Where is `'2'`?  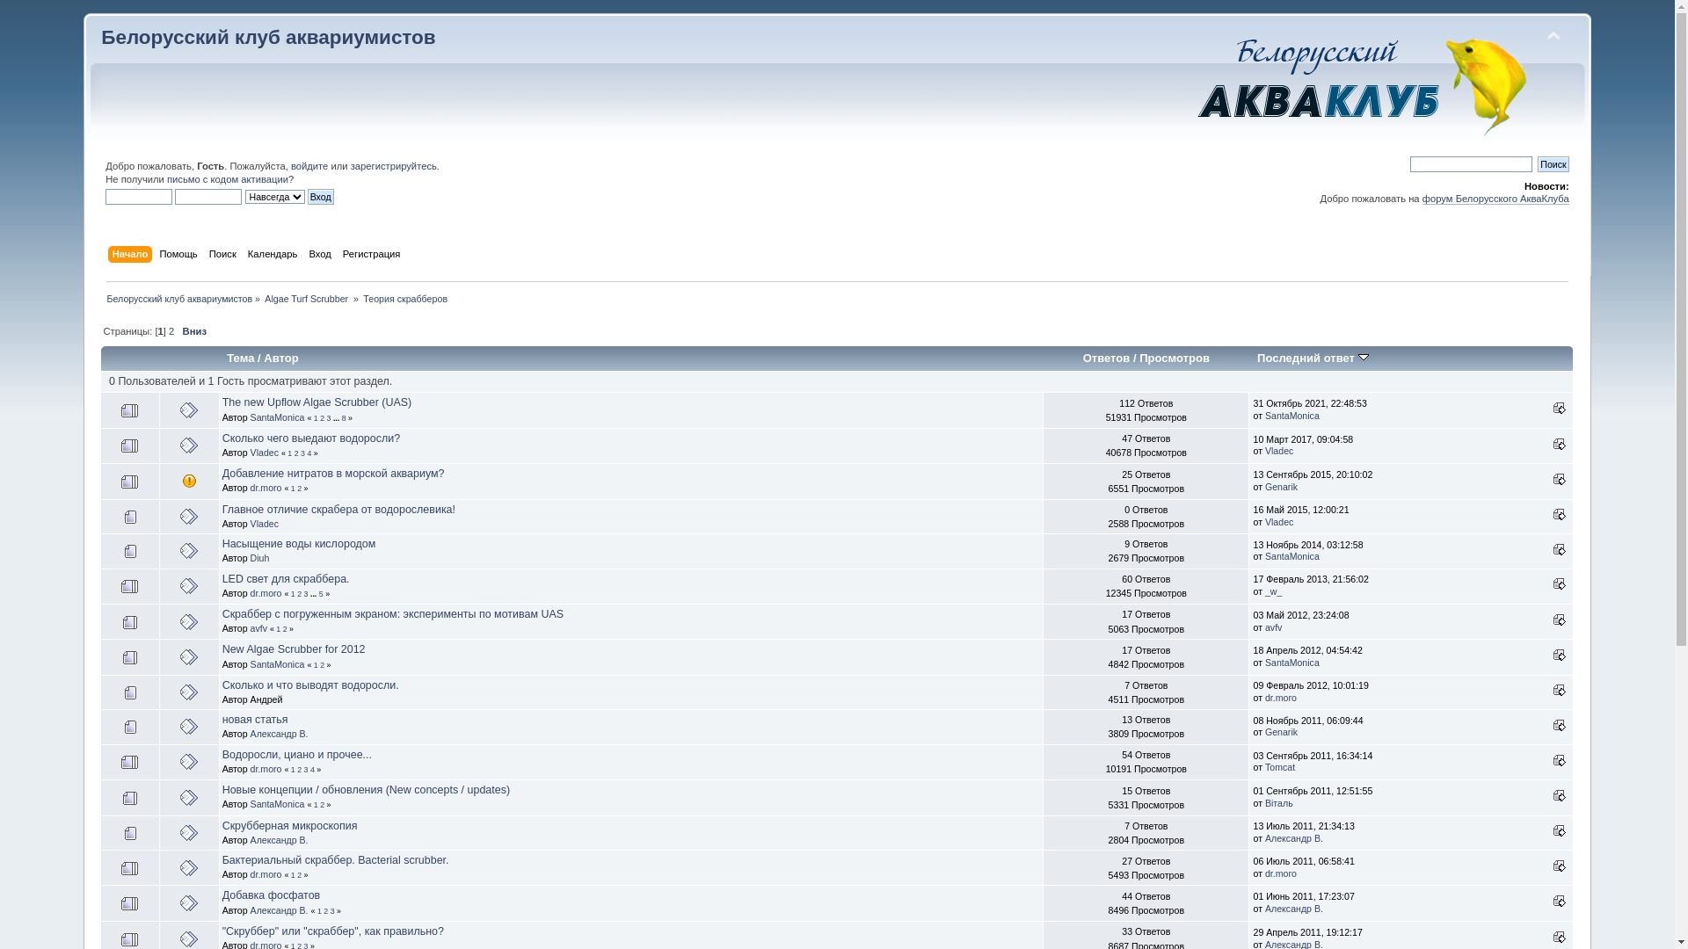 '2' is located at coordinates (171, 331).